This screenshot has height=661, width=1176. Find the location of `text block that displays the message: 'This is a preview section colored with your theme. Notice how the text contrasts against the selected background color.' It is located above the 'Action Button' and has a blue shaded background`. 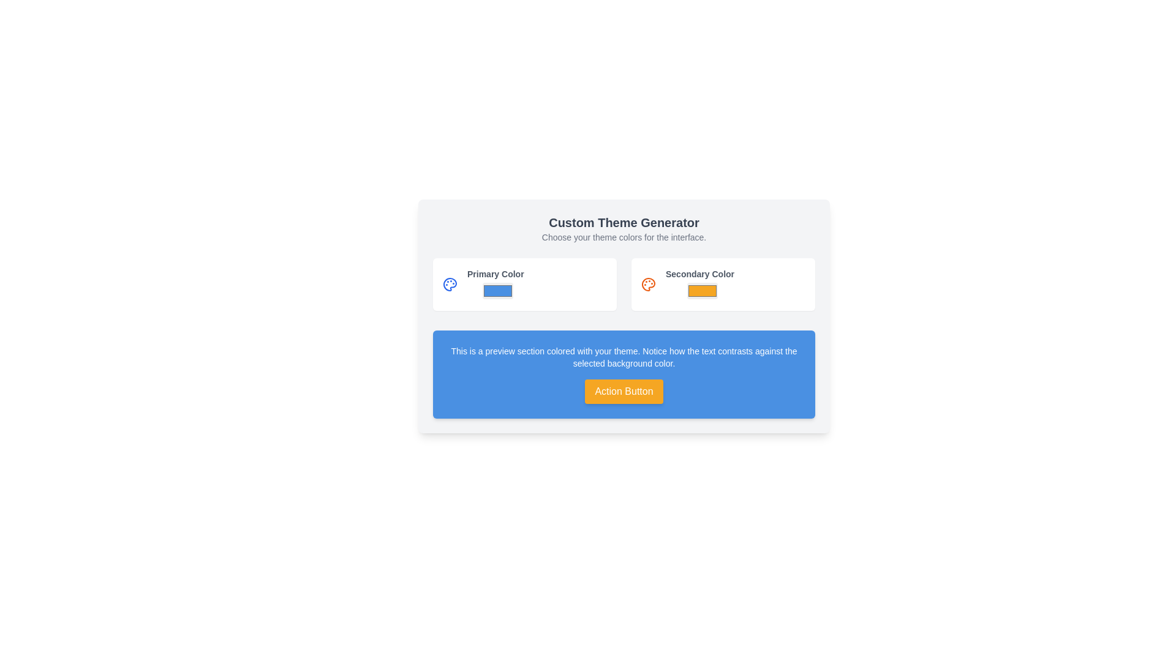

text block that displays the message: 'This is a preview section colored with your theme. Notice how the text contrasts against the selected background color.' It is located above the 'Action Button' and has a blue shaded background is located at coordinates (624, 357).